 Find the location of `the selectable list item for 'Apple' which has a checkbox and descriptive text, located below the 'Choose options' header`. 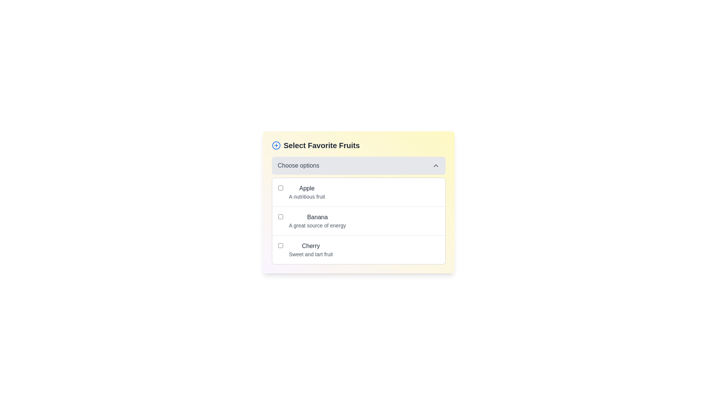

the selectable list item for 'Apple' which has a checkbox and descriptive text, located below the 'Choose options' header is located at coordinates (358, 192).